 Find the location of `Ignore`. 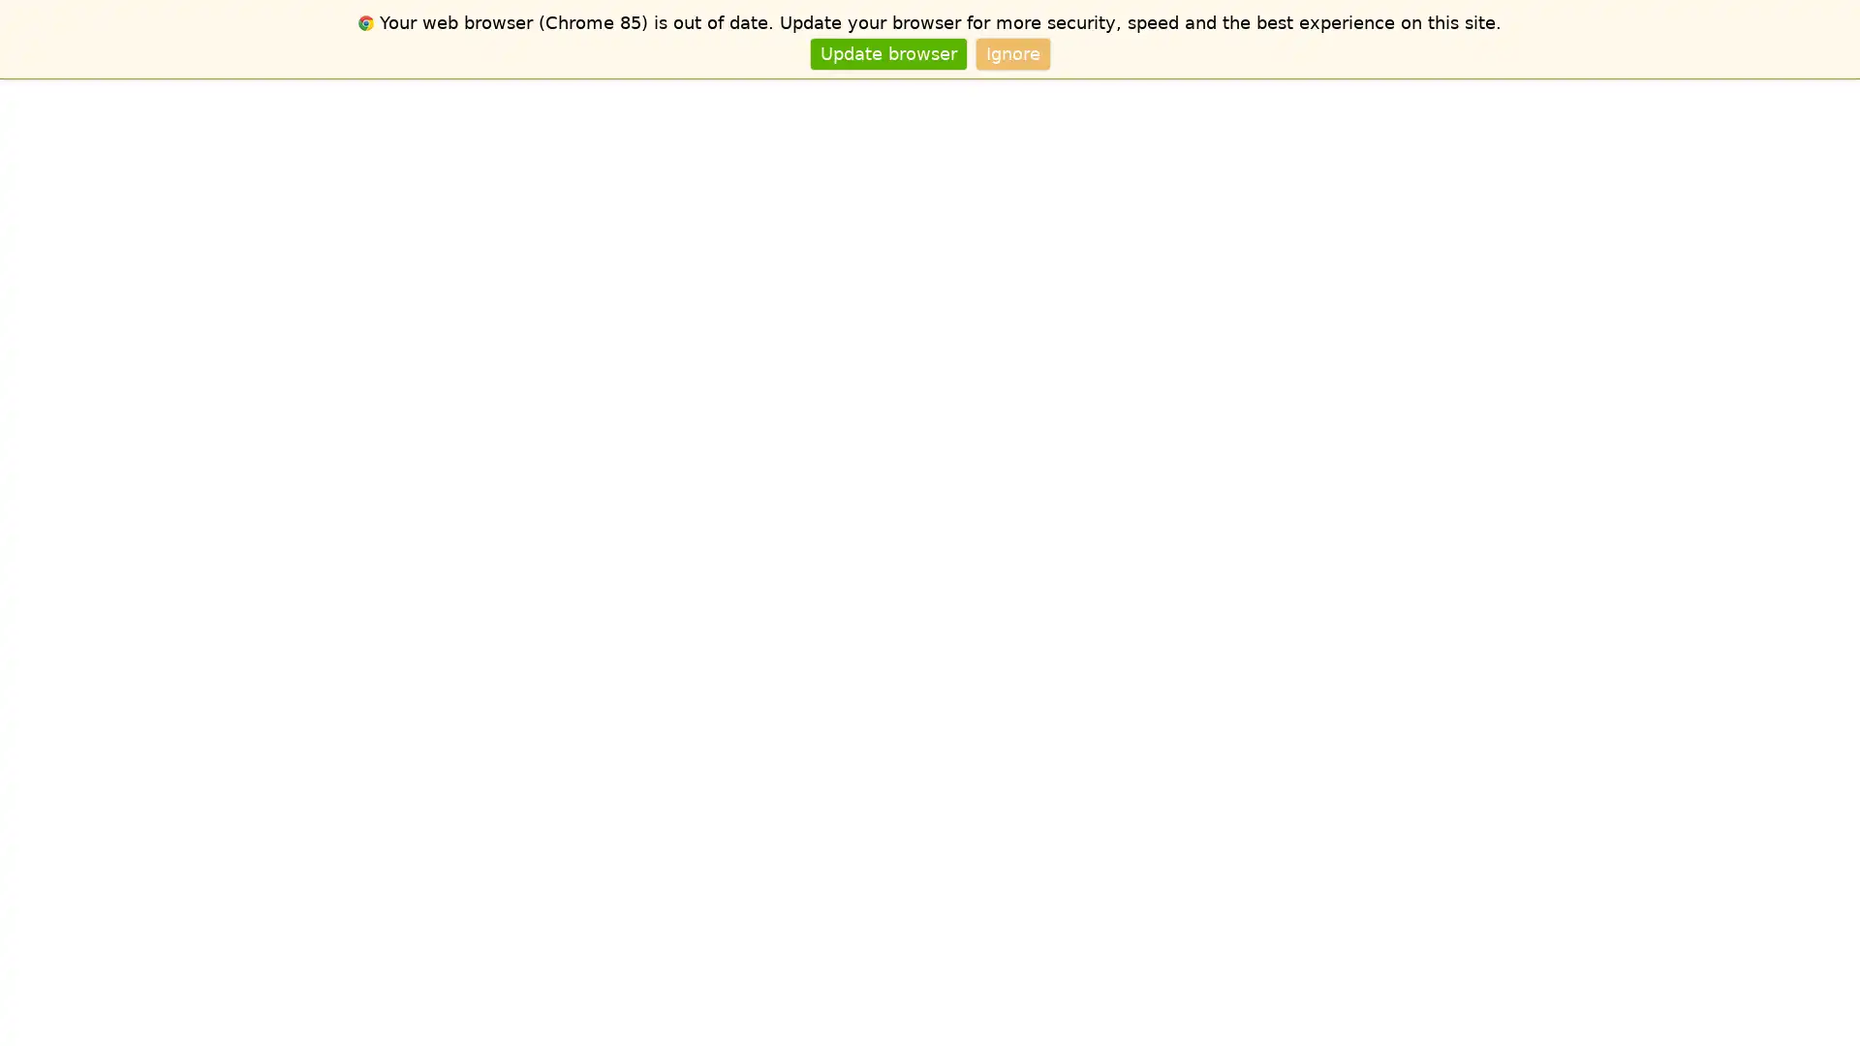

Ignore is located at coordinates (1011, 52).